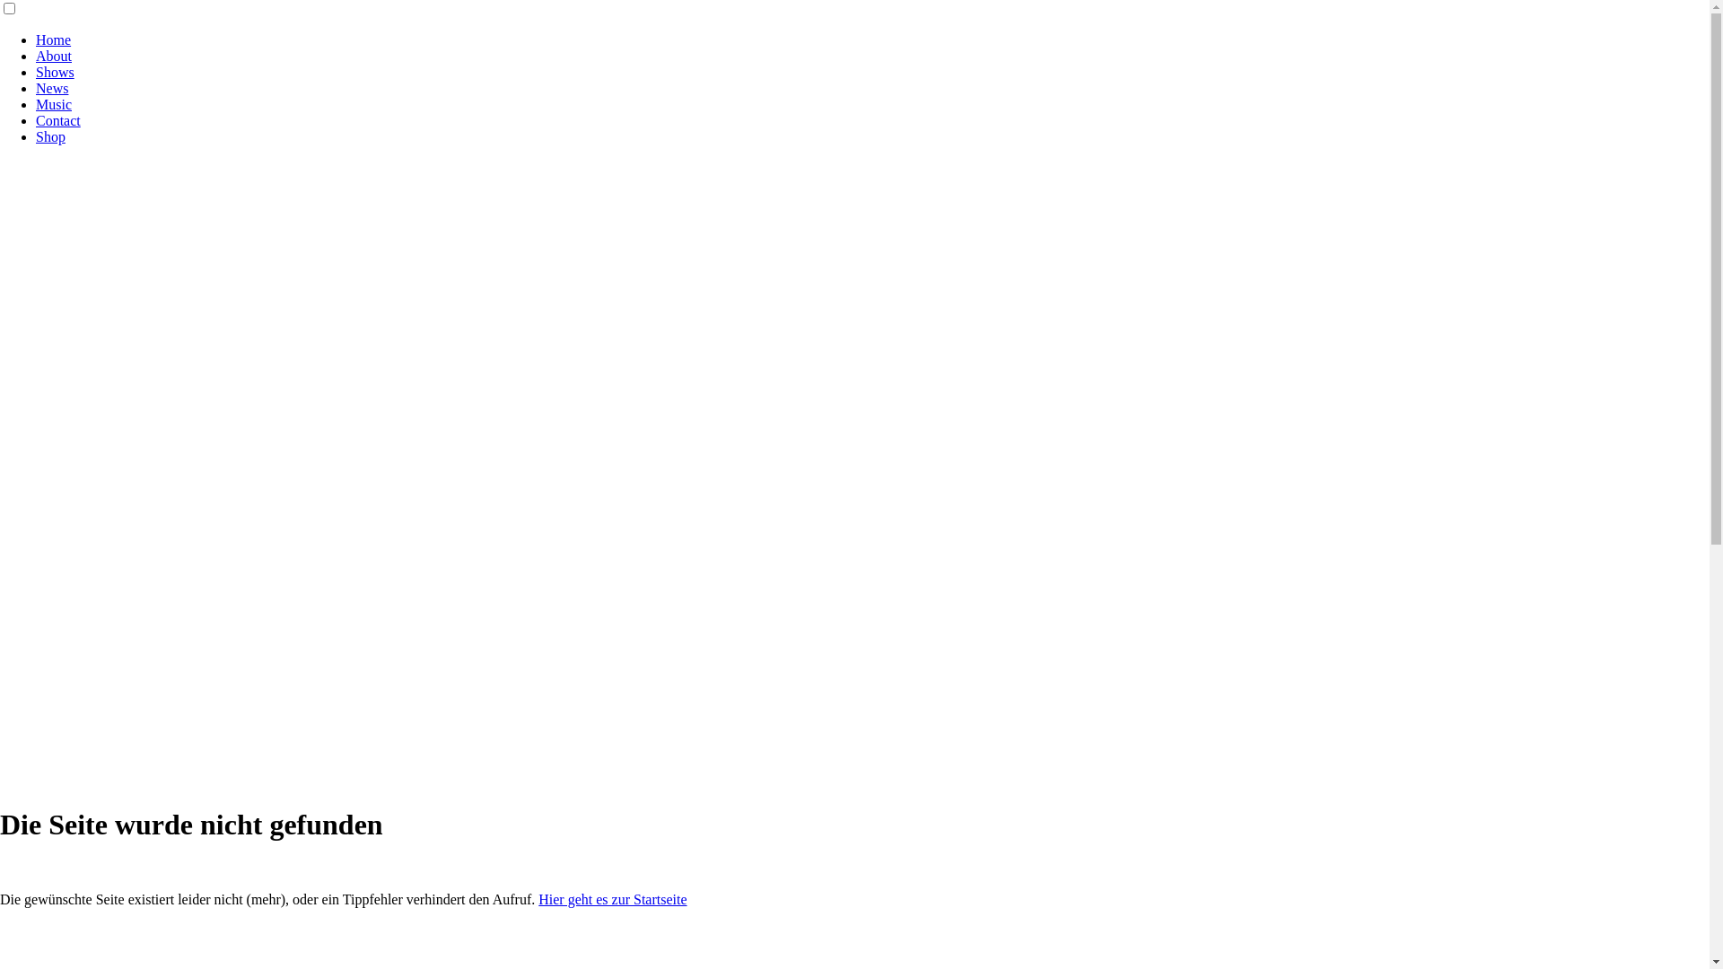 The height and width of the screenshot is (969, 1723). I want to click on 'Shop', so click(50, 135).